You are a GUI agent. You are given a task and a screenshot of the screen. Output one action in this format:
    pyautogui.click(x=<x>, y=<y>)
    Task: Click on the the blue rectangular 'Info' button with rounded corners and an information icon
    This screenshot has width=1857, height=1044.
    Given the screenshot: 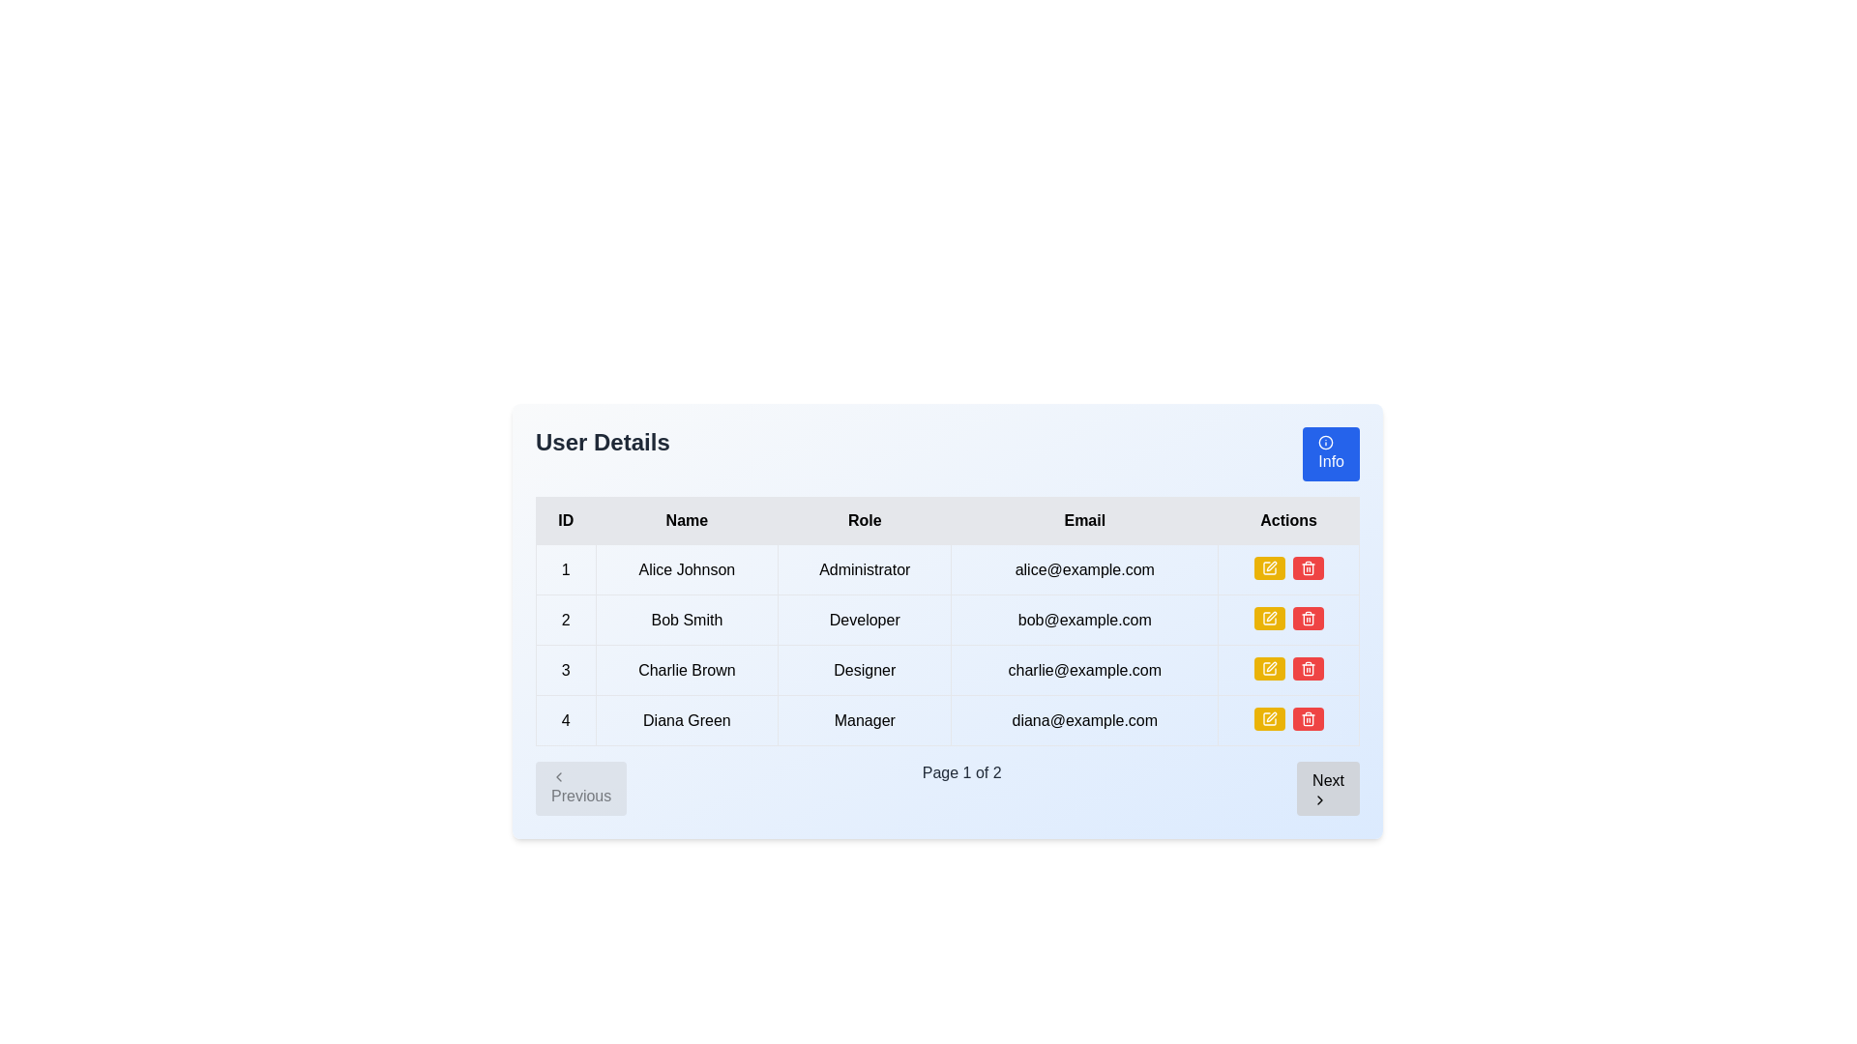 What is the action you would take?
    pyautogui.click(x=1330, y=454)
    